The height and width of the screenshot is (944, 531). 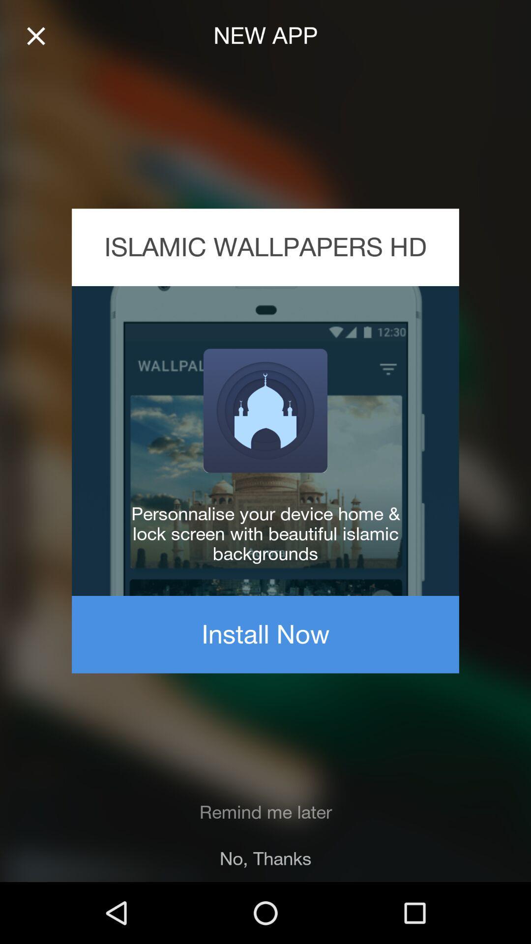 I want to click on item below install now, so click(x=265, y=812).